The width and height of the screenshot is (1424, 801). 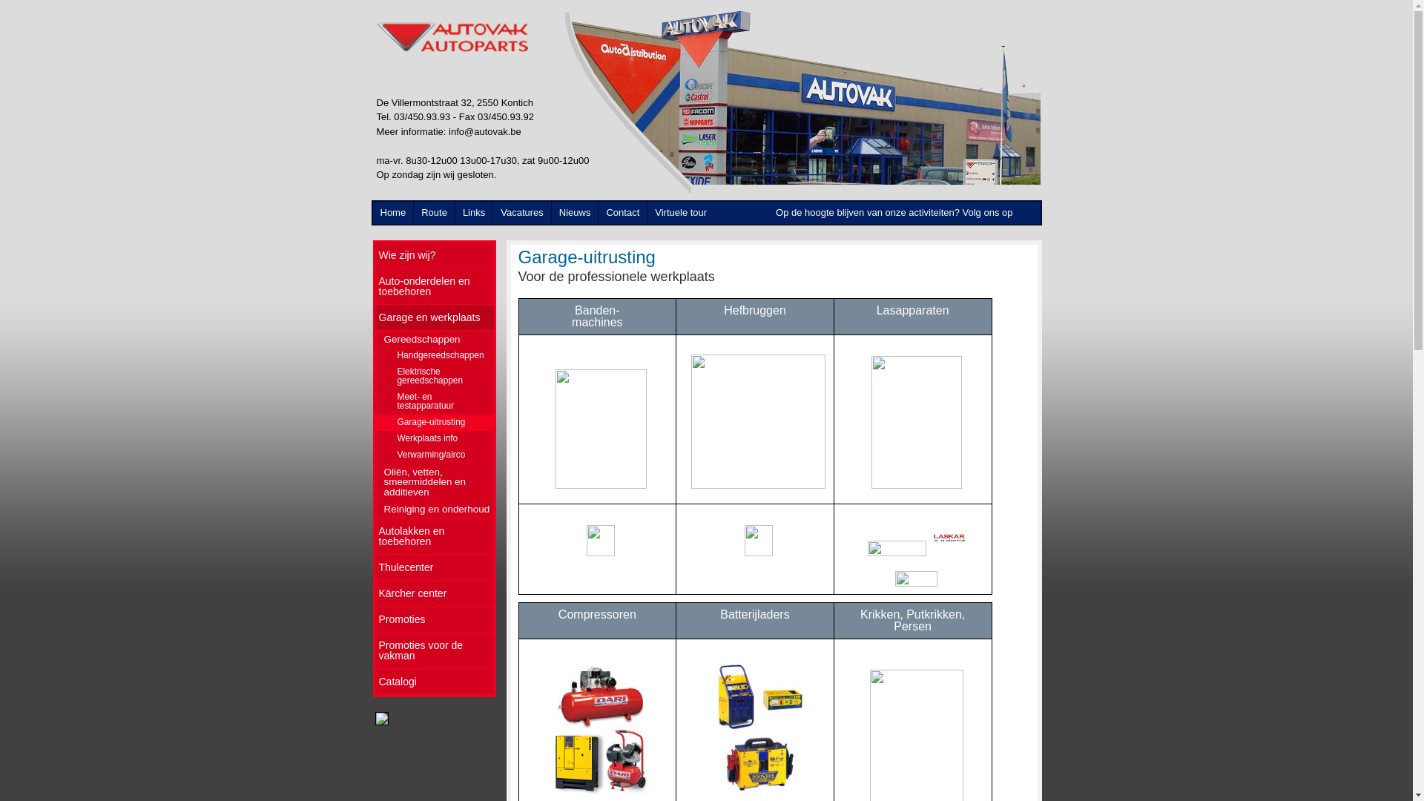 I want to click on 'Auto-onderdelen en toebehoren', so click(x=433, y=286).